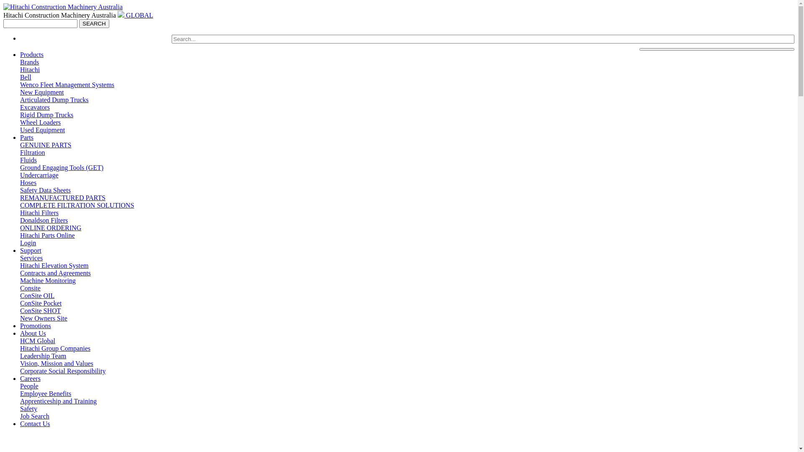  Describe the element at coordinates (42, 130) in the screenshot. I see `'Used Equipment'` at that location.